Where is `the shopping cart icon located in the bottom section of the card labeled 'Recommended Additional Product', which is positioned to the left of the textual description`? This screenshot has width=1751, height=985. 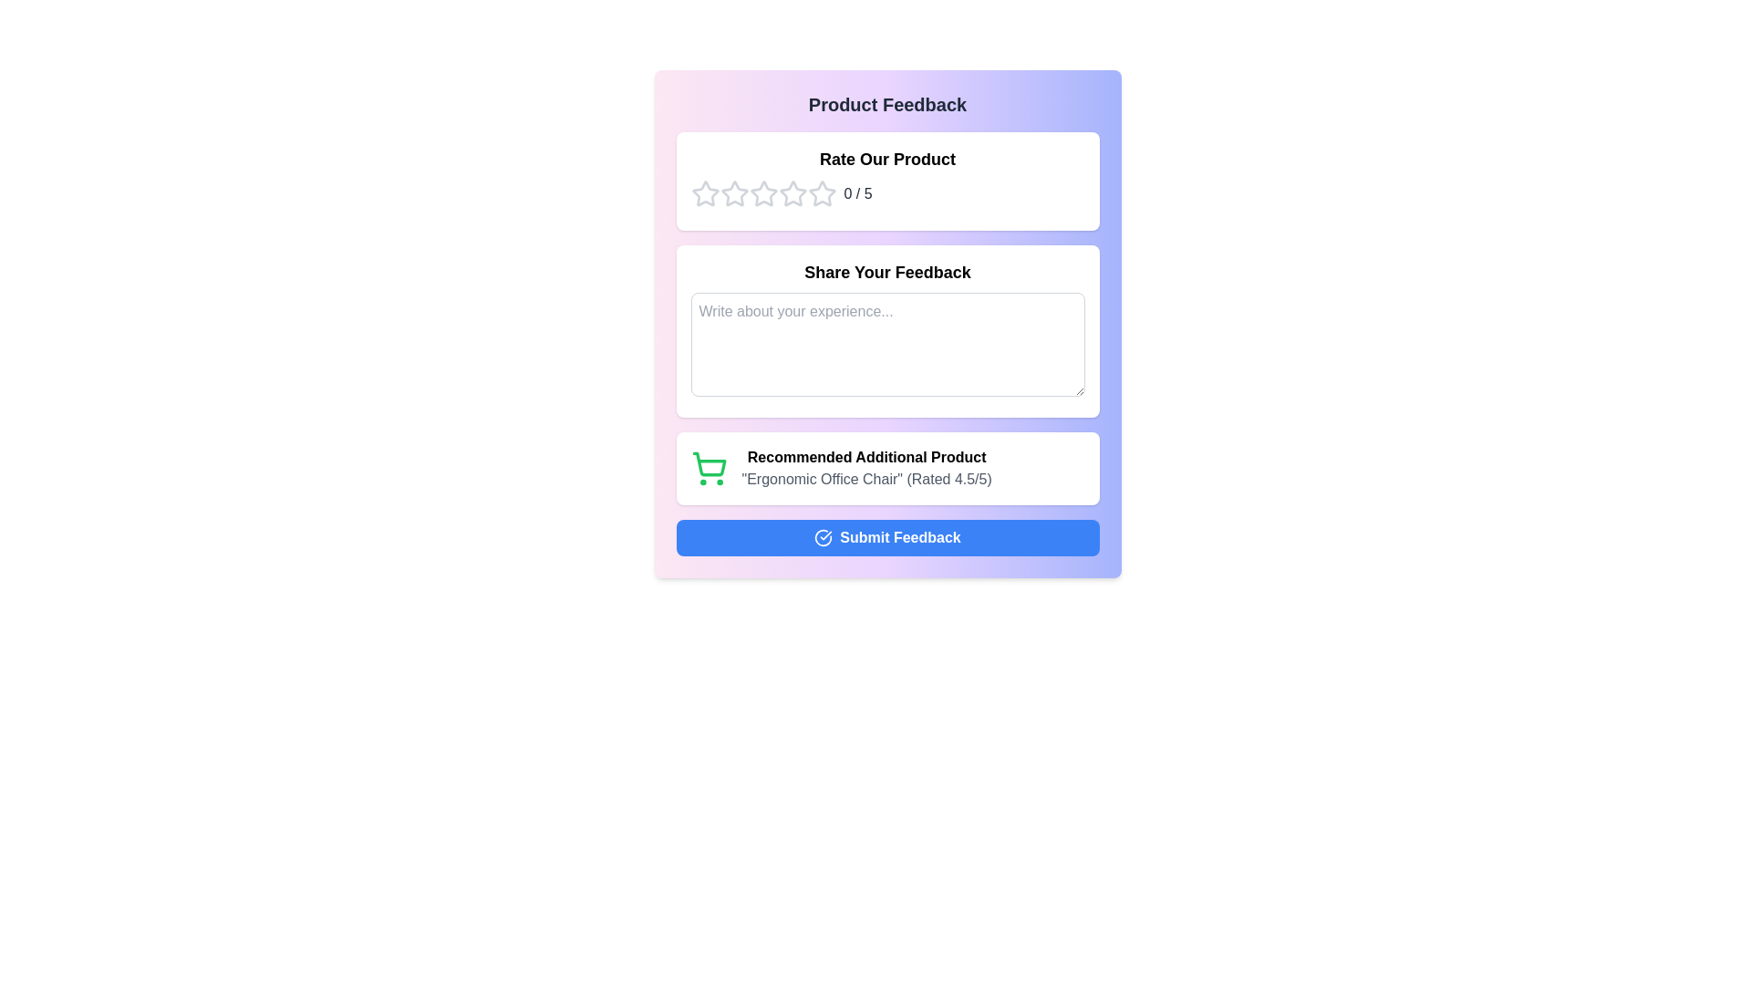
the shopping cart icon located in the bottom section of the card labeled 'Recommended Additional Product', which is positioned to the left of the textual description is located at coordinates (708, 467).